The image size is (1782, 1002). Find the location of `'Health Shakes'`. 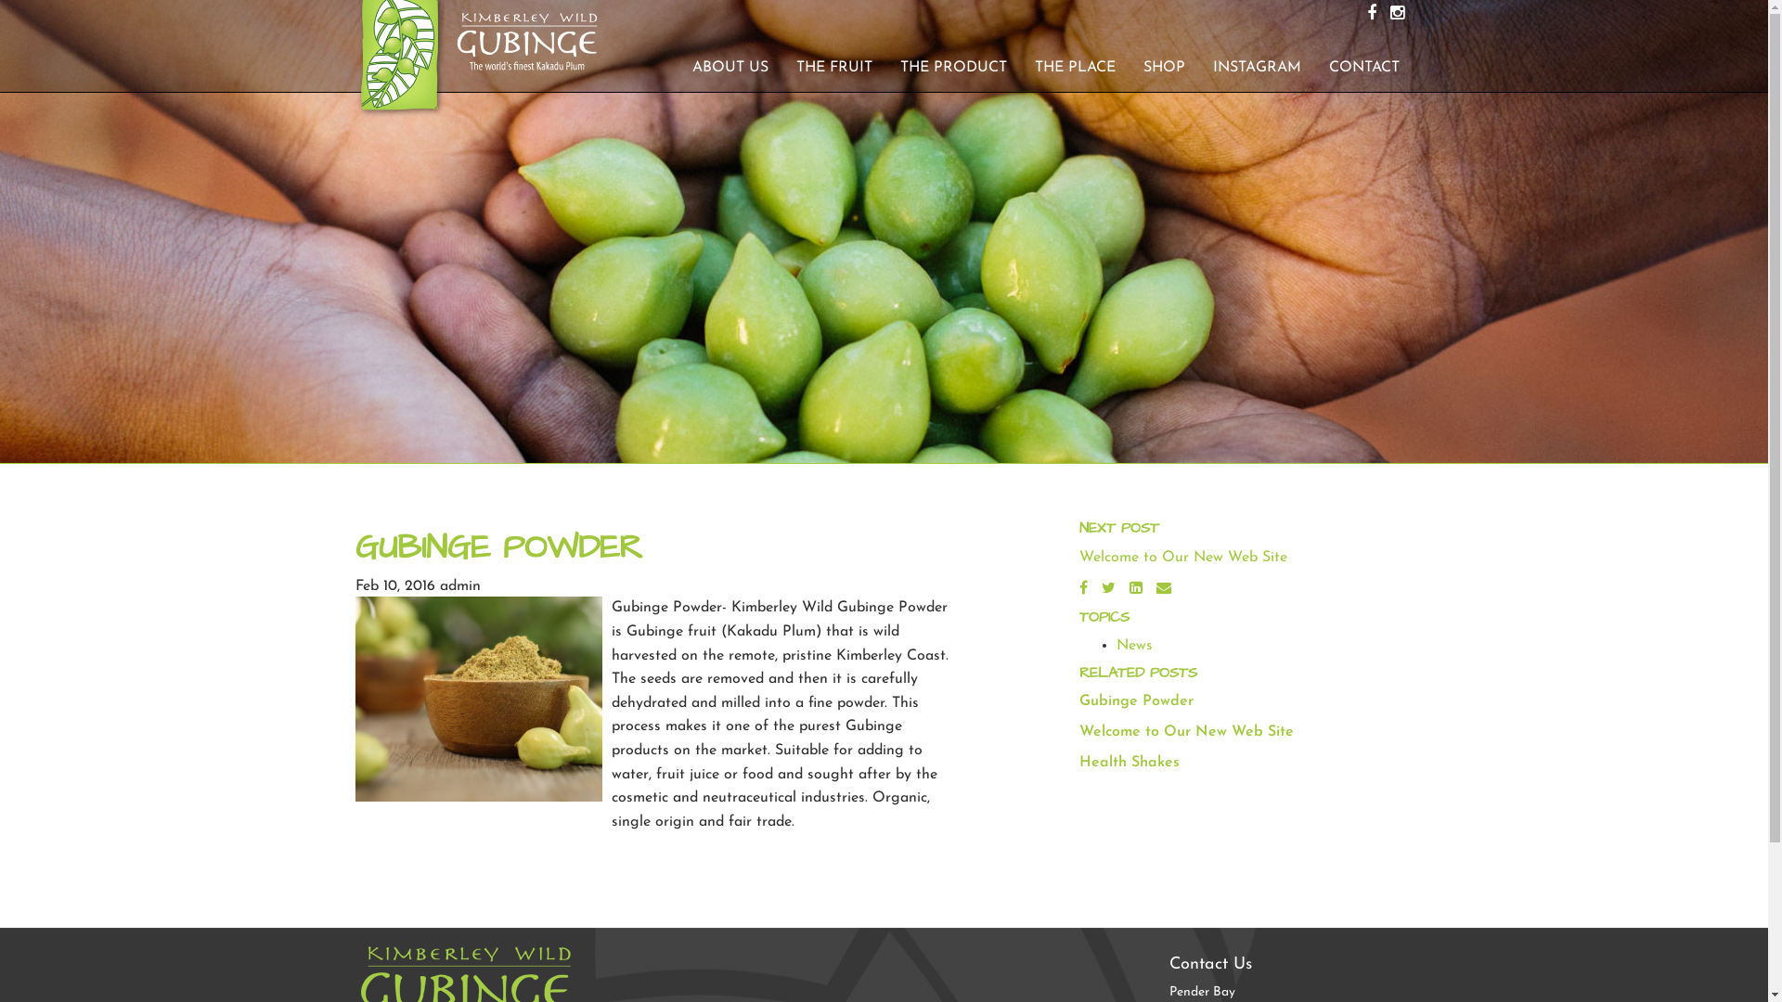

'Health Shakes' is located at coordinates (1127, 762).